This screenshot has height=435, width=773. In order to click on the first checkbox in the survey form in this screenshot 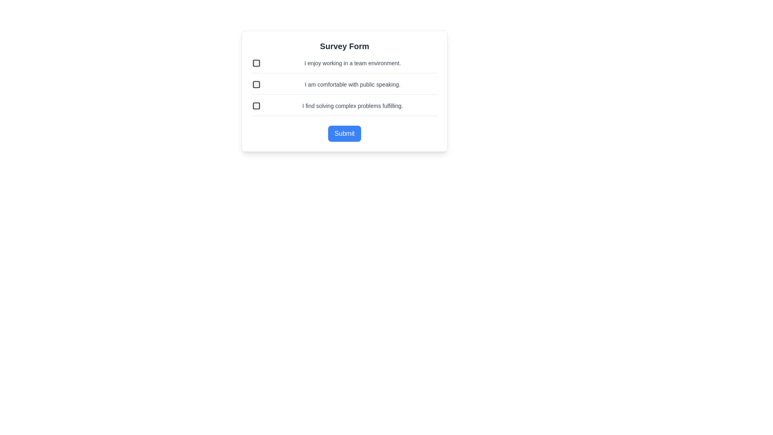, I will do `click(256, 63)`.